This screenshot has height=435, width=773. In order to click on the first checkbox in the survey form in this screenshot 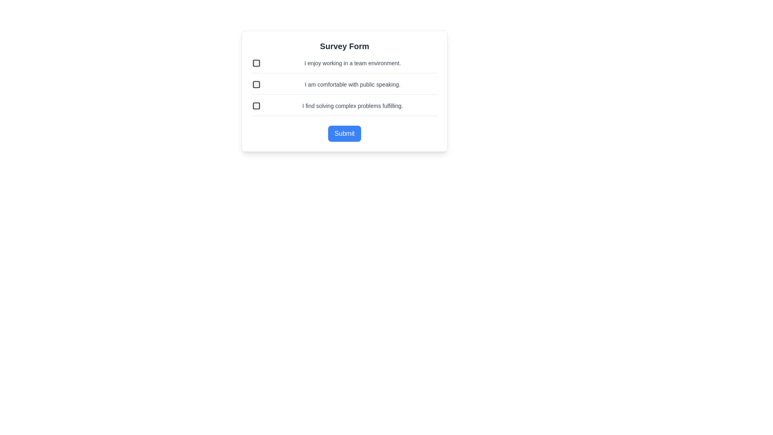, I will do `click(256, 63)`.